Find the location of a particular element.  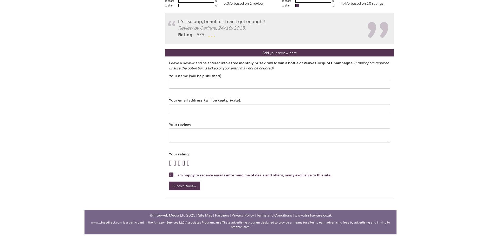

'5.0/5 based on 1 review' is located at coordinates (224, 3).